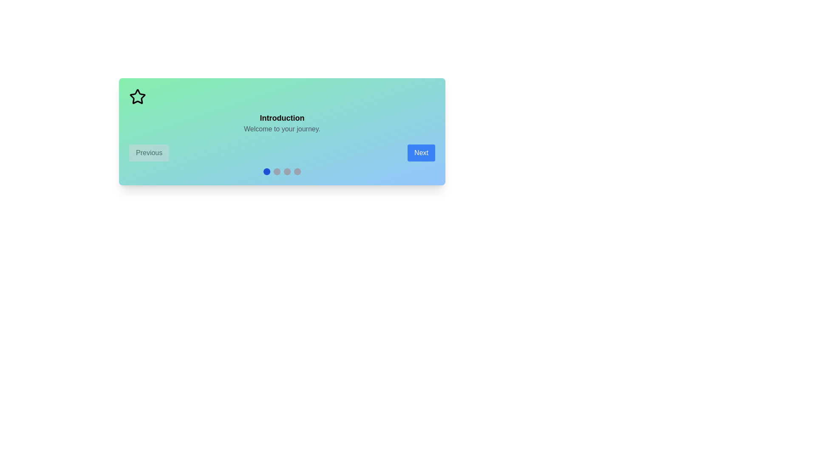 This screenshot has height=459, width=816. Describe the element at coordinates (421, 152) in the screenshot. I see `the 'Next' button to navigate to the next scene` at that location.